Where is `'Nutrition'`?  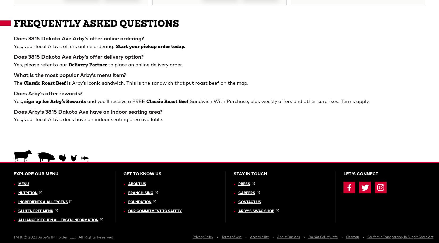 'Nutrition' is located at coordinates (27, 8).